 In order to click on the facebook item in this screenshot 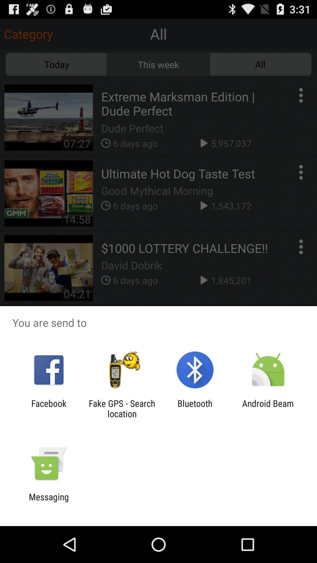, I will do `click(48, 408)`.